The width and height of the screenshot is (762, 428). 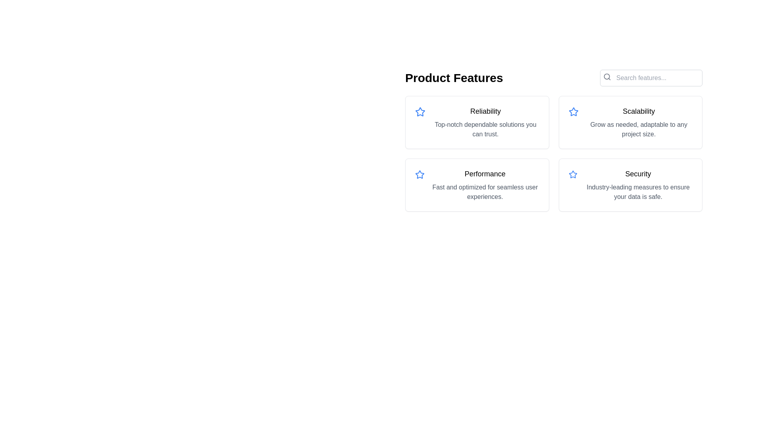 I want to click on the star-shaped icon with a blue outline located in the top-right quadrant of the grid layout, directly above the 'Scalability' label, so click(x=573, y=112).